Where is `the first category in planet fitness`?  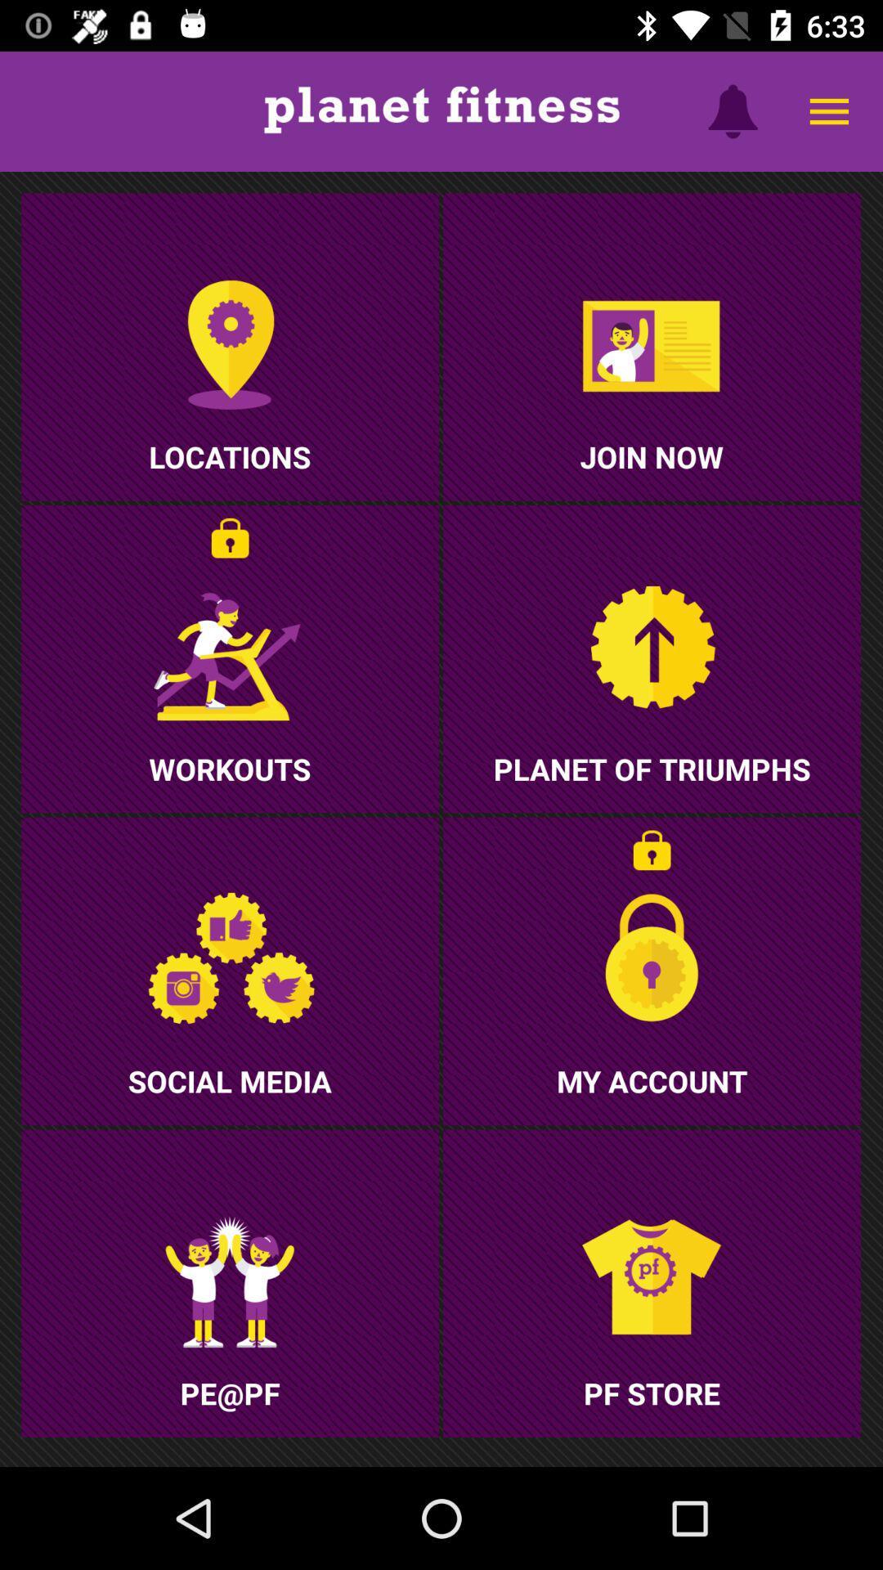 the first category in planet fitness is located at coordinates (230, 346).